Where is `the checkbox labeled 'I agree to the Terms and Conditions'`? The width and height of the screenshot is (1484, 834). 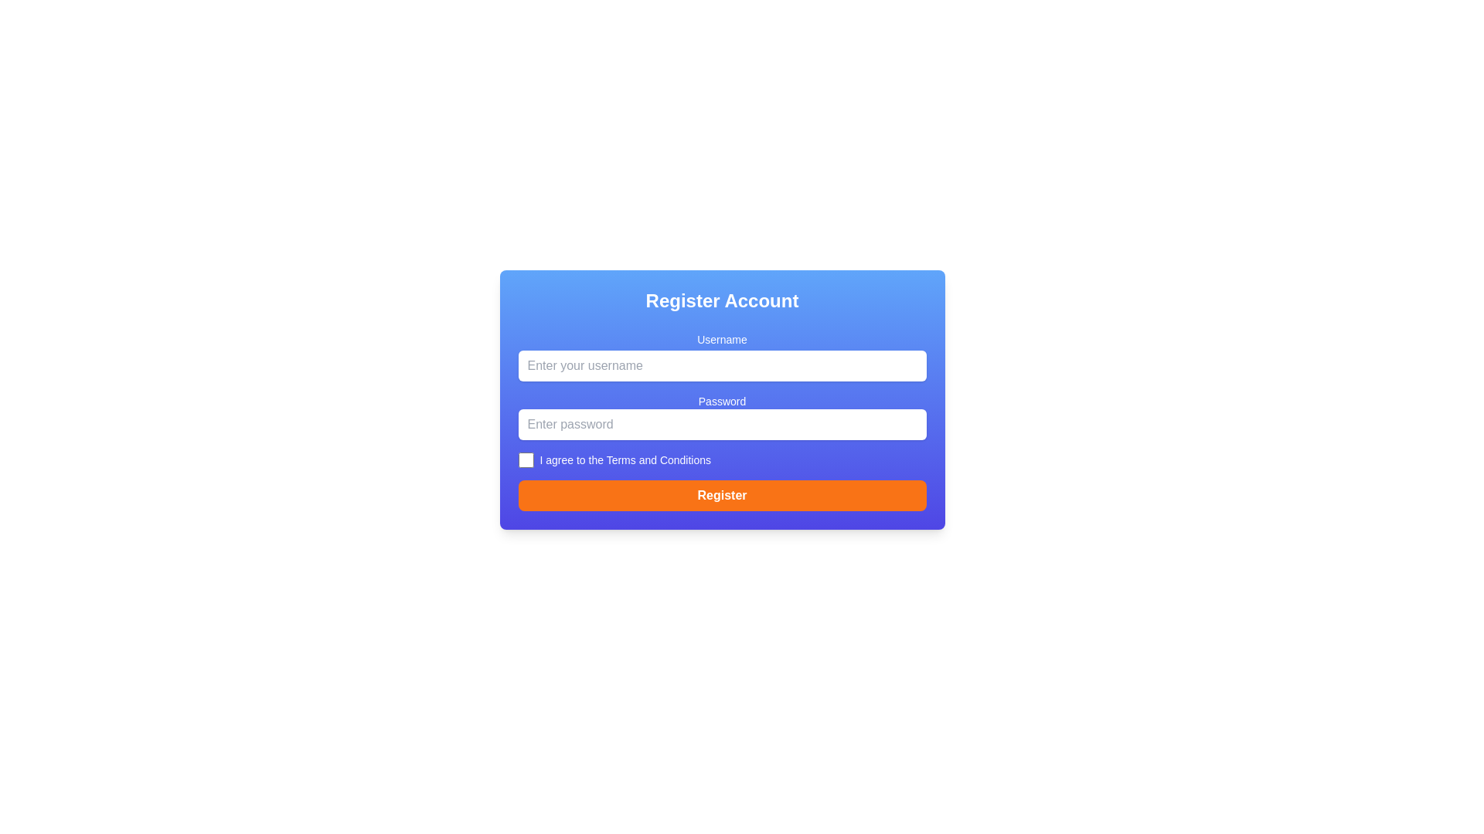 the checkbox labeled 'I agree to the Terms and Conditions' is located at coordinates (721, 459).